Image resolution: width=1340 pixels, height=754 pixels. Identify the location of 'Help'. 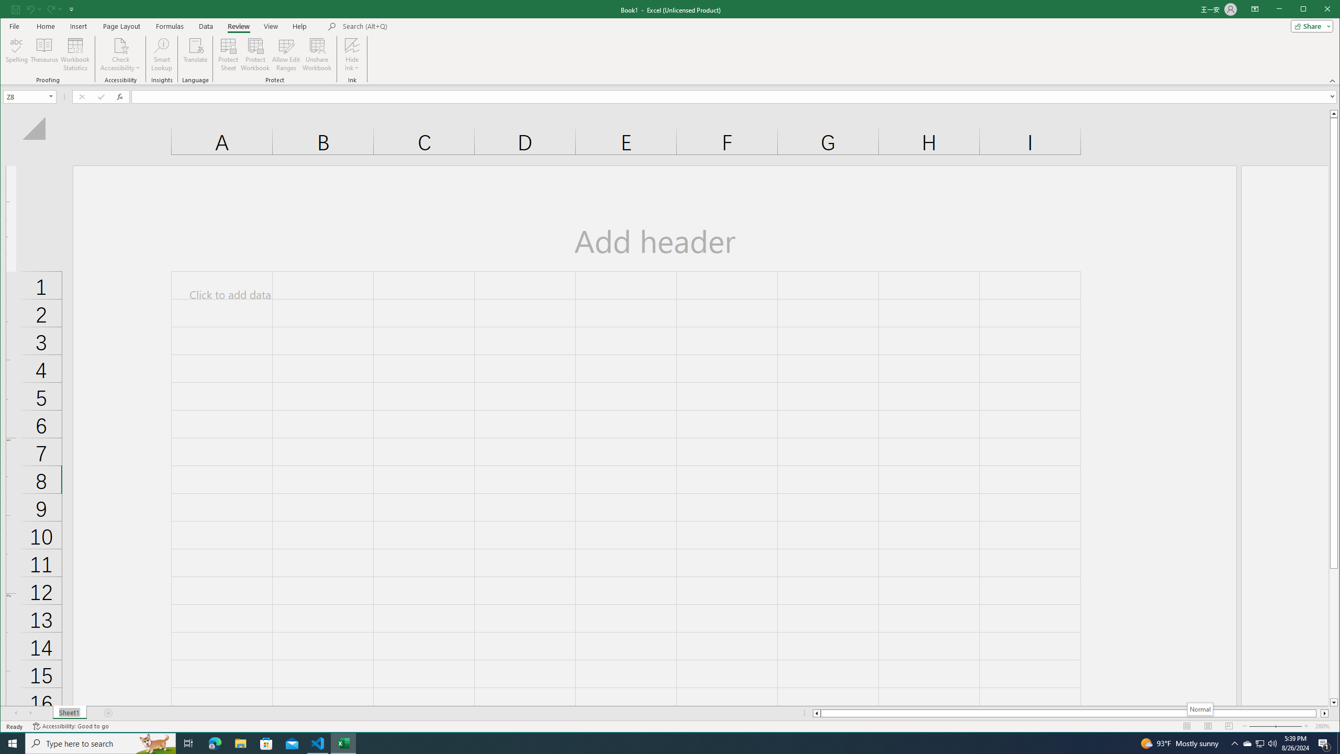
(299, 26).